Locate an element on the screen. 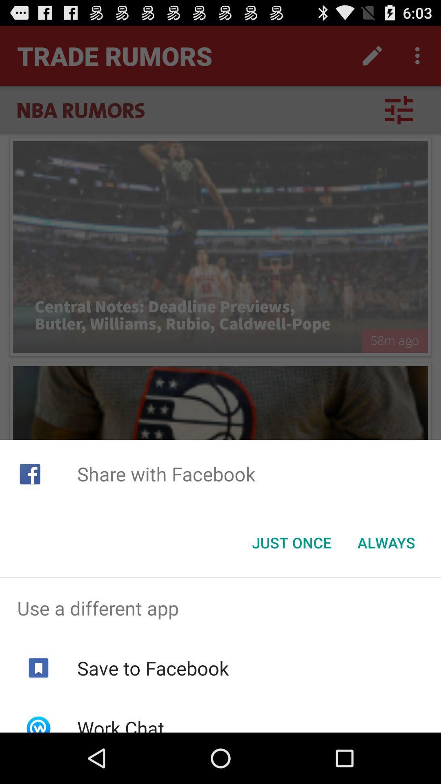 The width and height of the screenshot is (441, 784). the work chat is located at coordinates (120, 724).